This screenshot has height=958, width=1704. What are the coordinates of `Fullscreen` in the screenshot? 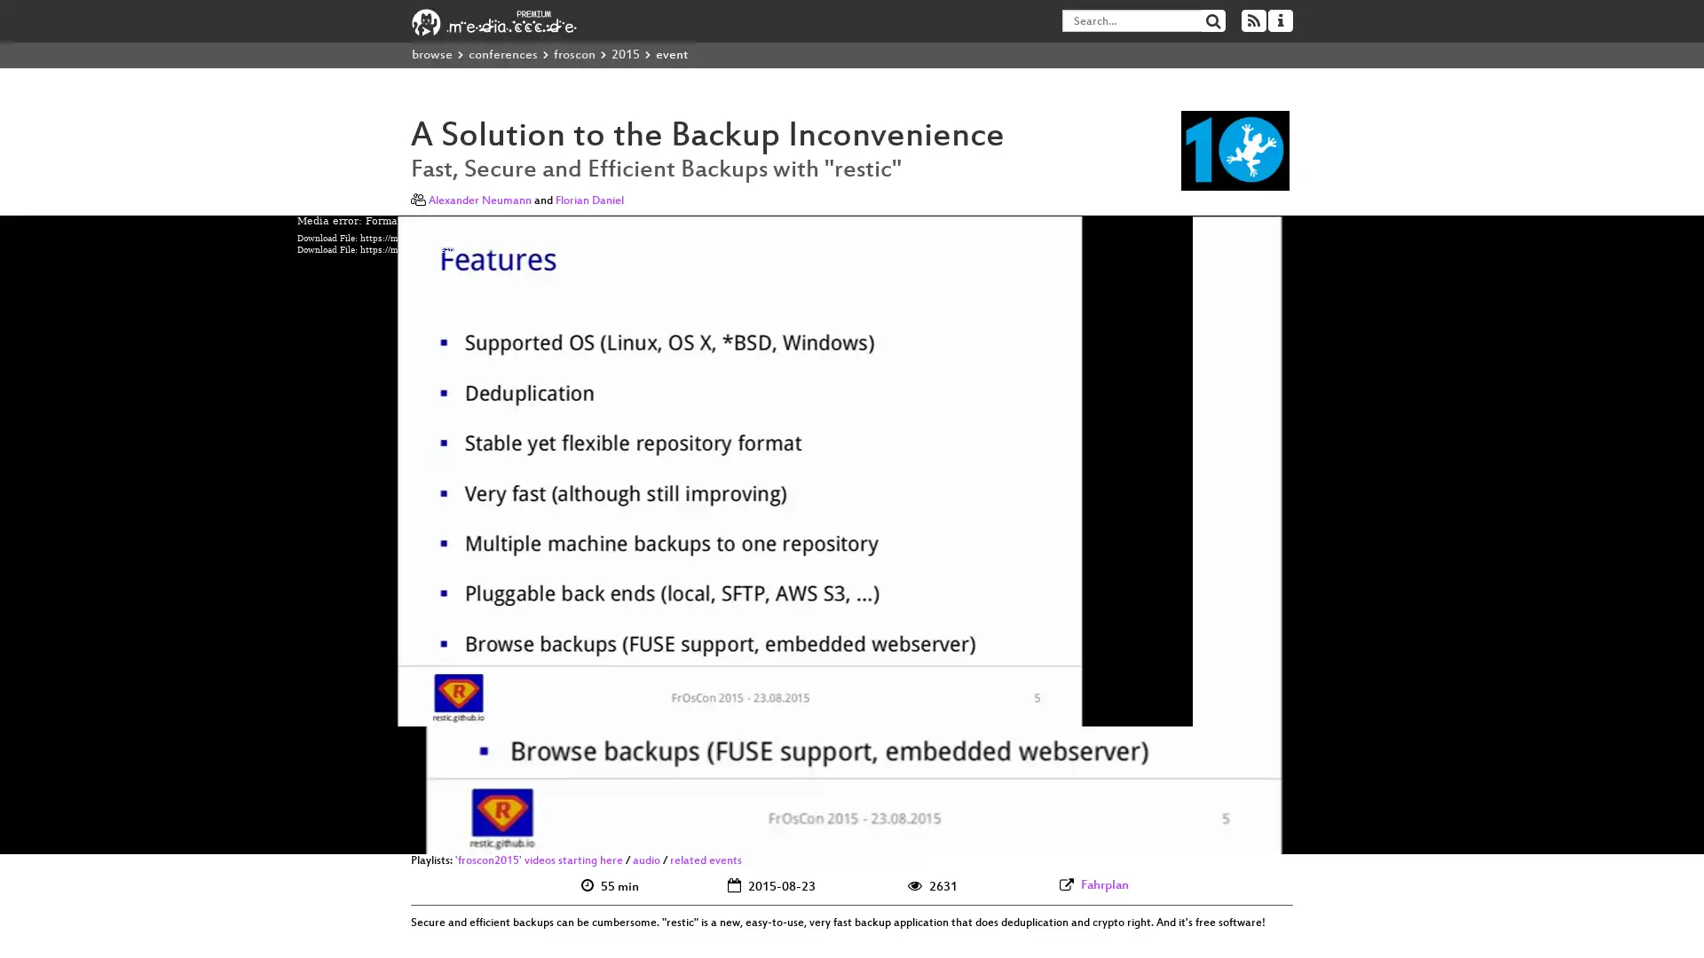 It's located at (1396, 835).